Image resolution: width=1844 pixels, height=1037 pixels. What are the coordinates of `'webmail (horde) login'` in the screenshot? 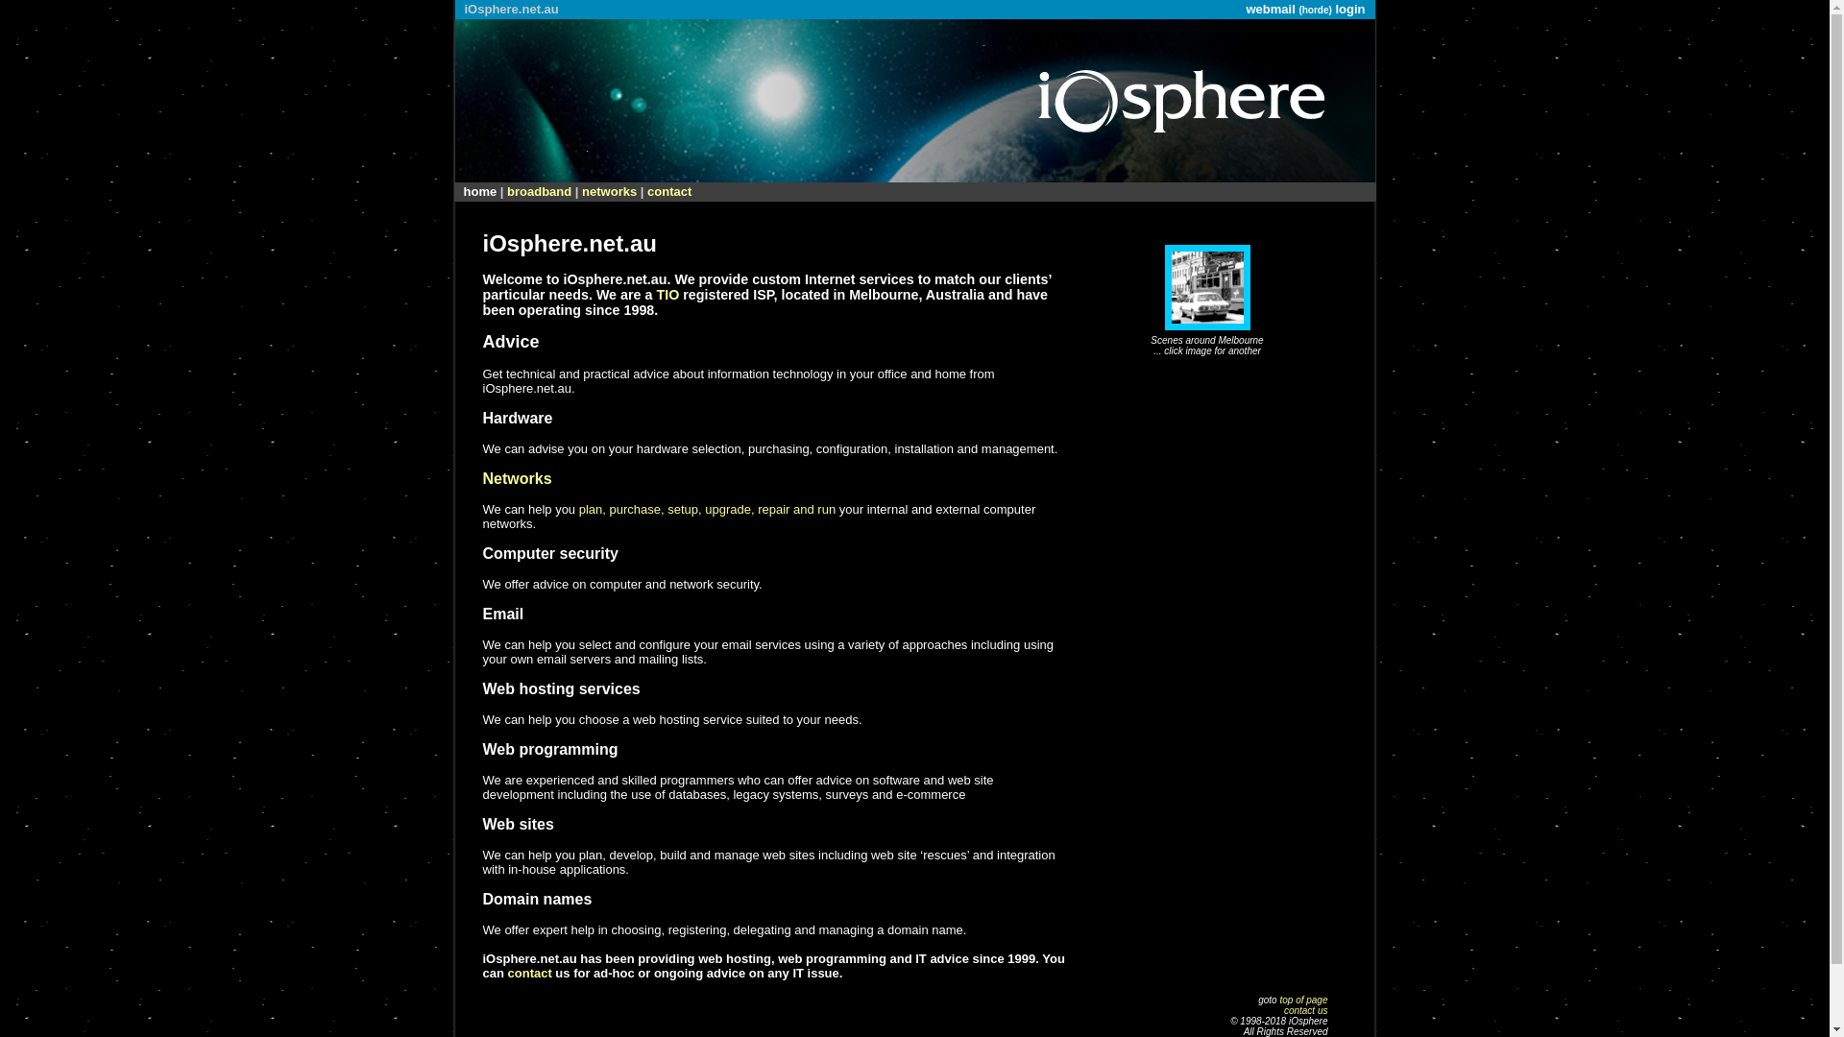 It's located at (1245, 9).